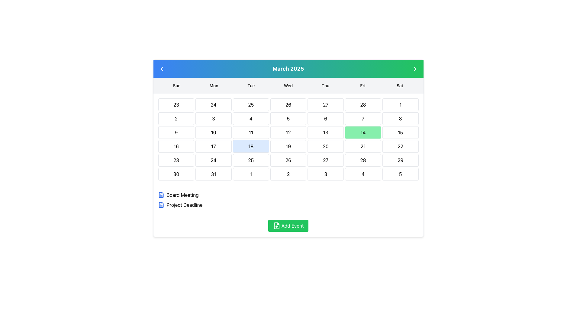  I want to click on the button-like date element displaying the number '4' in the calendar grid for Tuesday, so click(251, 119).